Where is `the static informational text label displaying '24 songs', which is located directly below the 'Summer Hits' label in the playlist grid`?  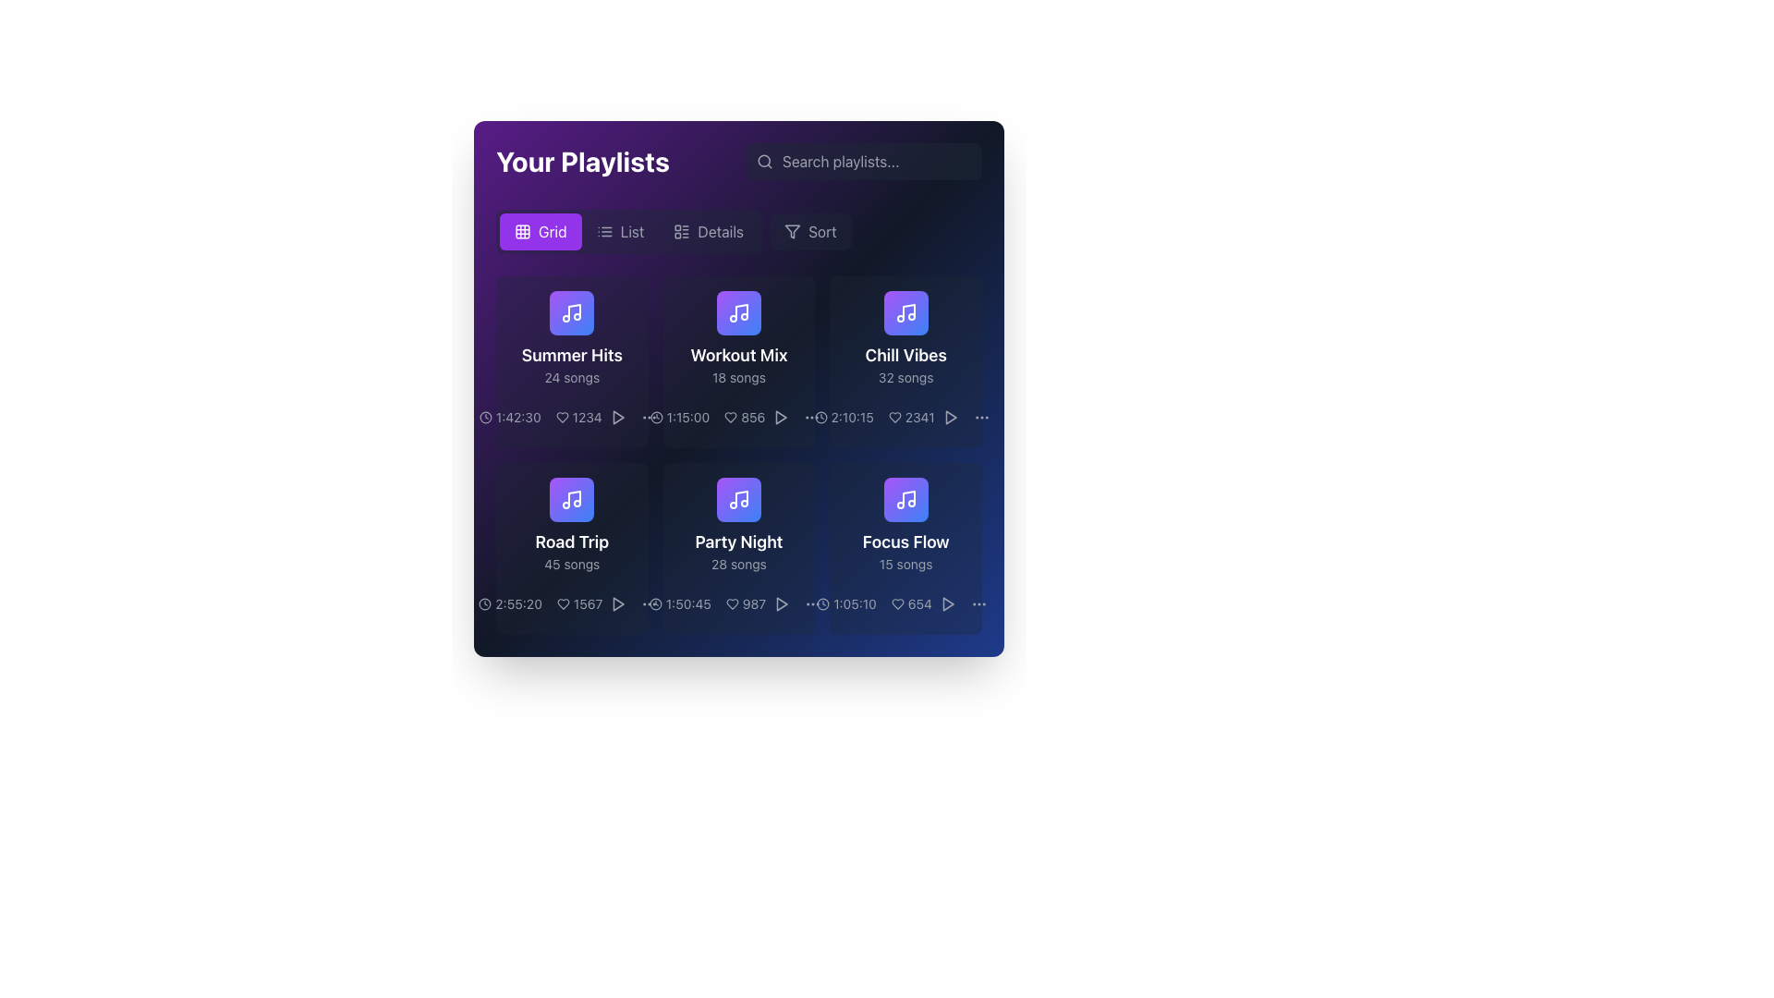 the static informational text label displaying '24 songs', which is located directly below the 'Summer Hits' label in the playlist grid is located at coordinates (571, 376).